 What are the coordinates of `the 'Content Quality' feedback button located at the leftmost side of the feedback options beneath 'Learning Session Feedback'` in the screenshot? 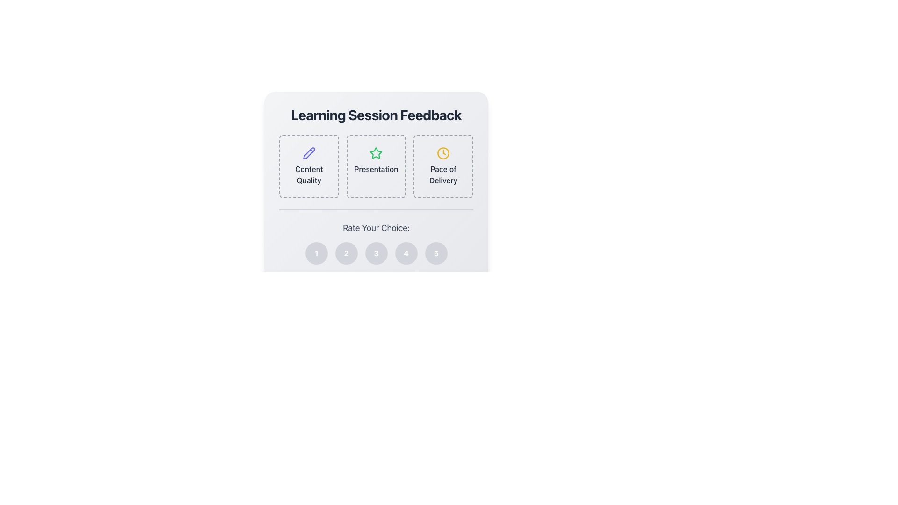 It's located at (309, 166).